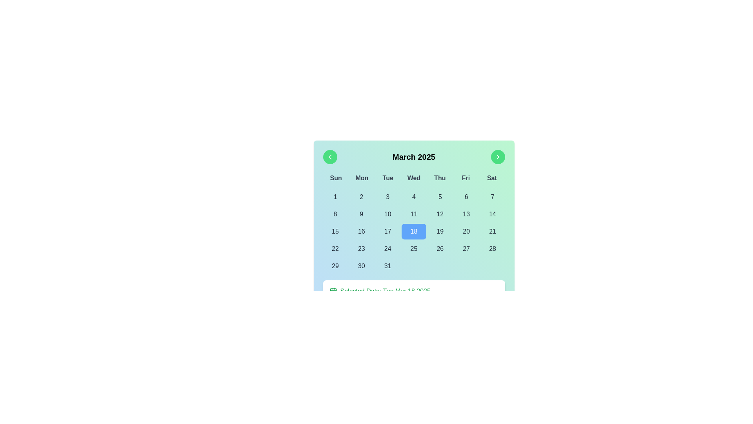  Describe the element at coordinates (413, 157) in the screenshot. I see `the static text label displaying 'March 2025' in a bold and large font style, located centrally in the header section of the calendar interface` at that location.